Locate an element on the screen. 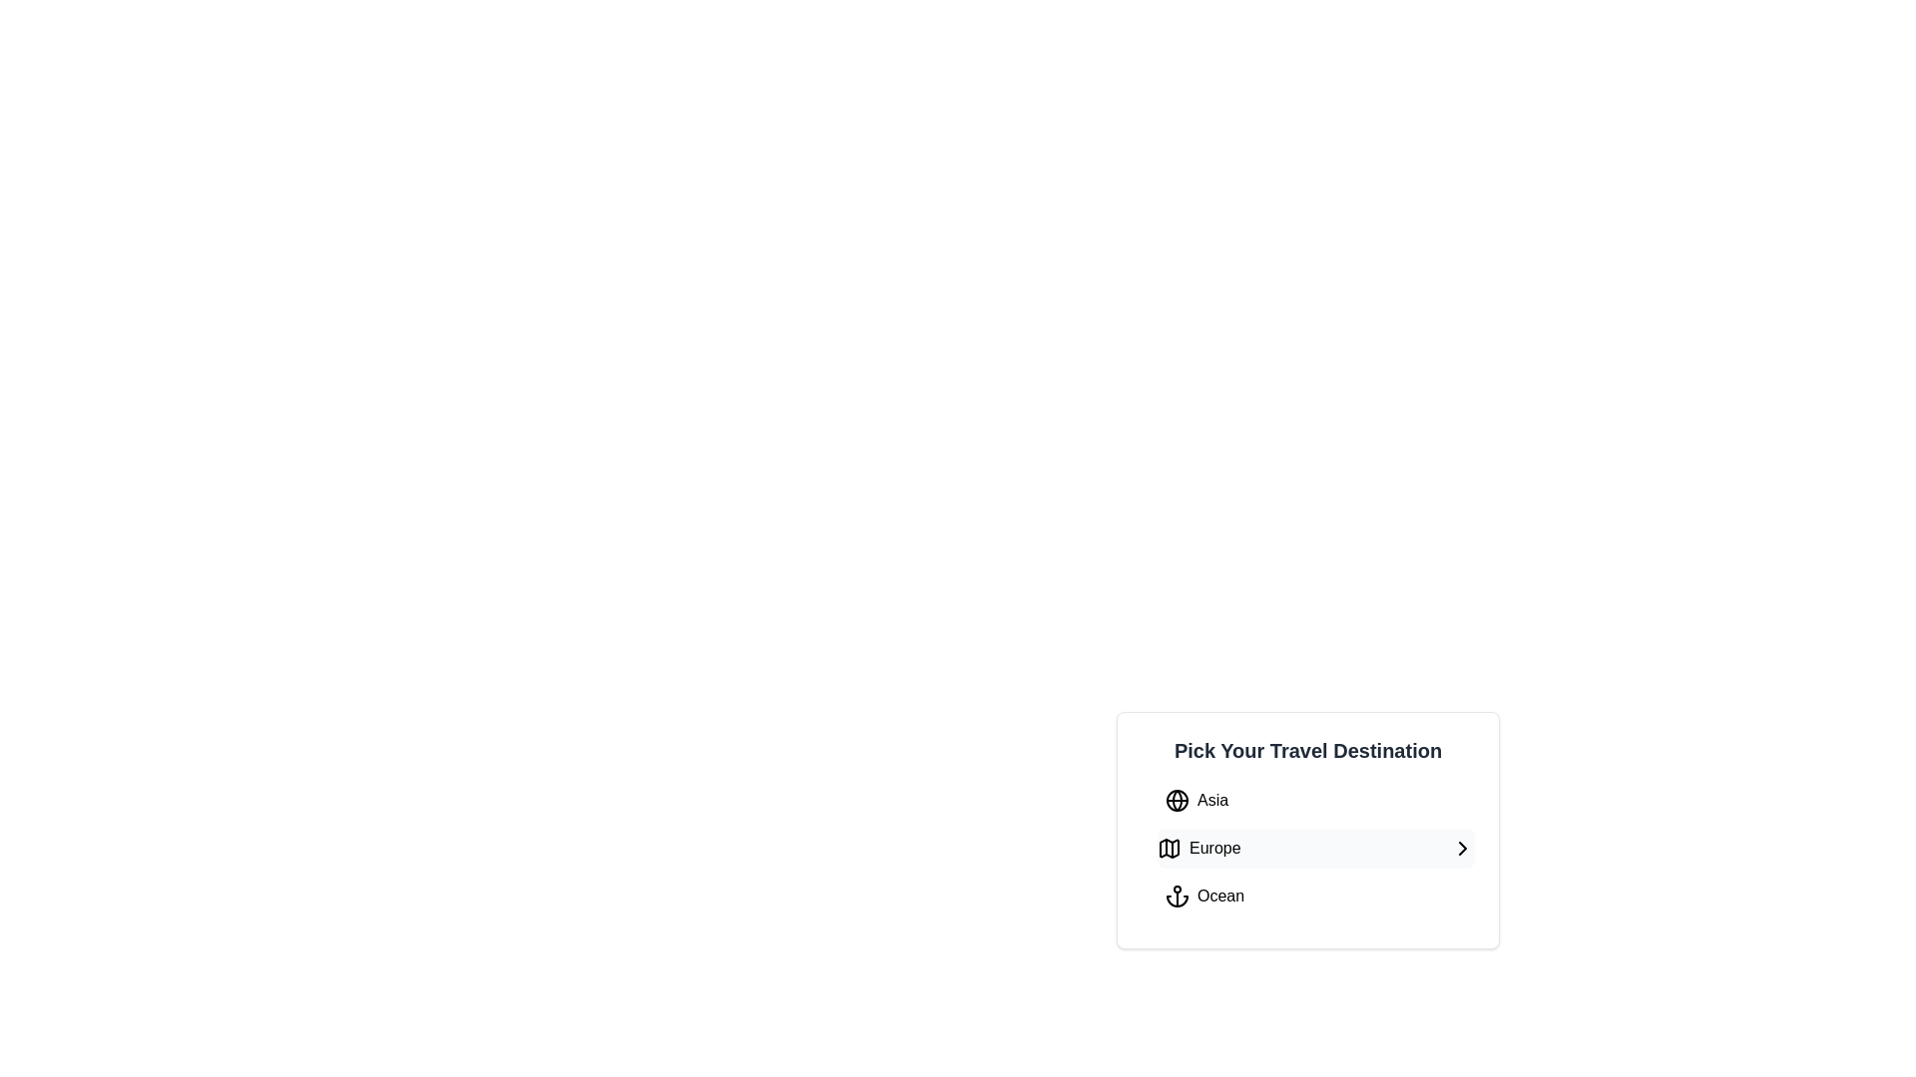 The image size is (1916, 1077). the third selectable item labeled 'Ocean' which features an anchor icon on the left within a modal interface is located at coordinates (1203, 895).